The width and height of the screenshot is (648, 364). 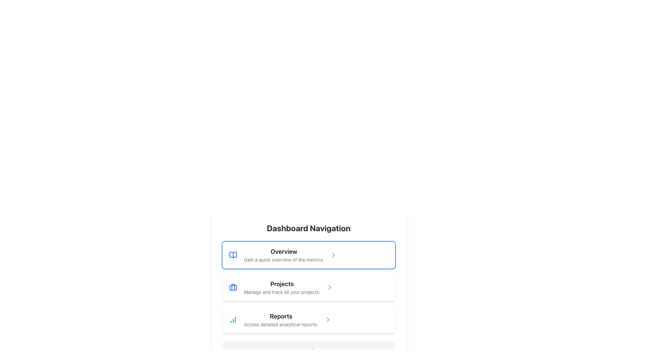 I want to click on the text label reading 'Manage and track all your projects.' located under the bold heading 'Projects', so click(x=282, y=292).